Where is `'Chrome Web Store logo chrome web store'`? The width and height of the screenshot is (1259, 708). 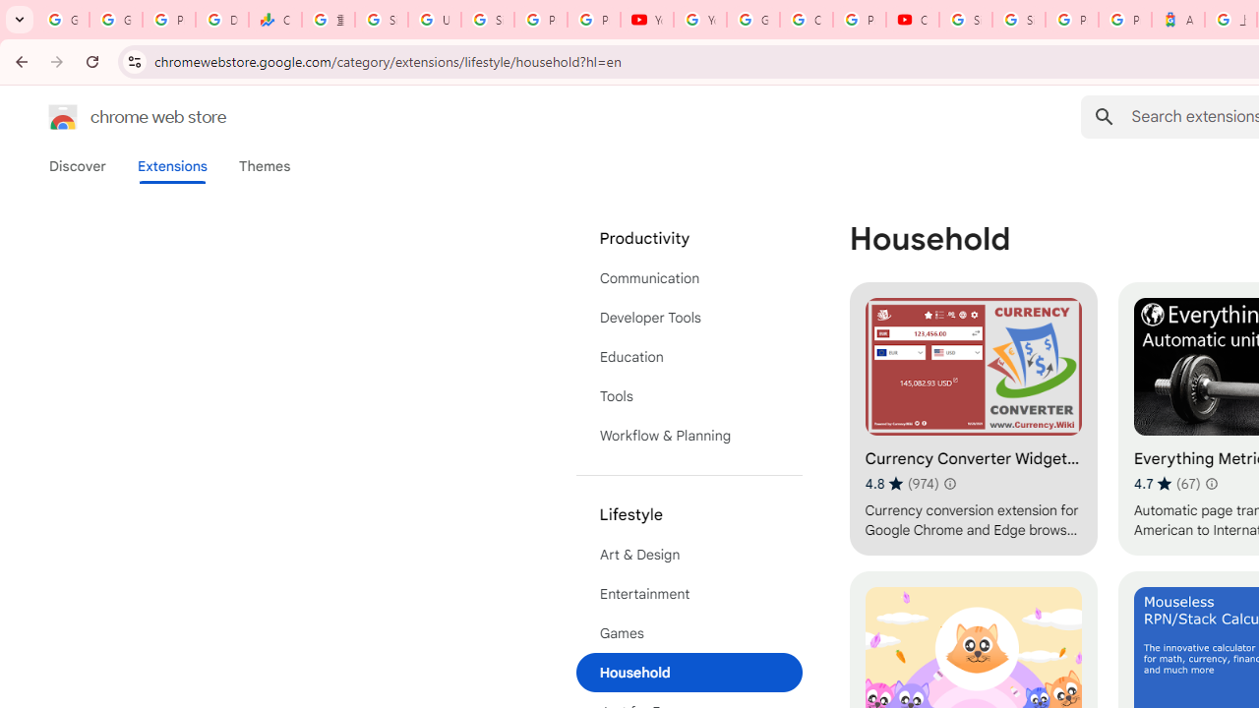
'Chrome Web Store logo chrome web store' is located at coordinates (116, 117).